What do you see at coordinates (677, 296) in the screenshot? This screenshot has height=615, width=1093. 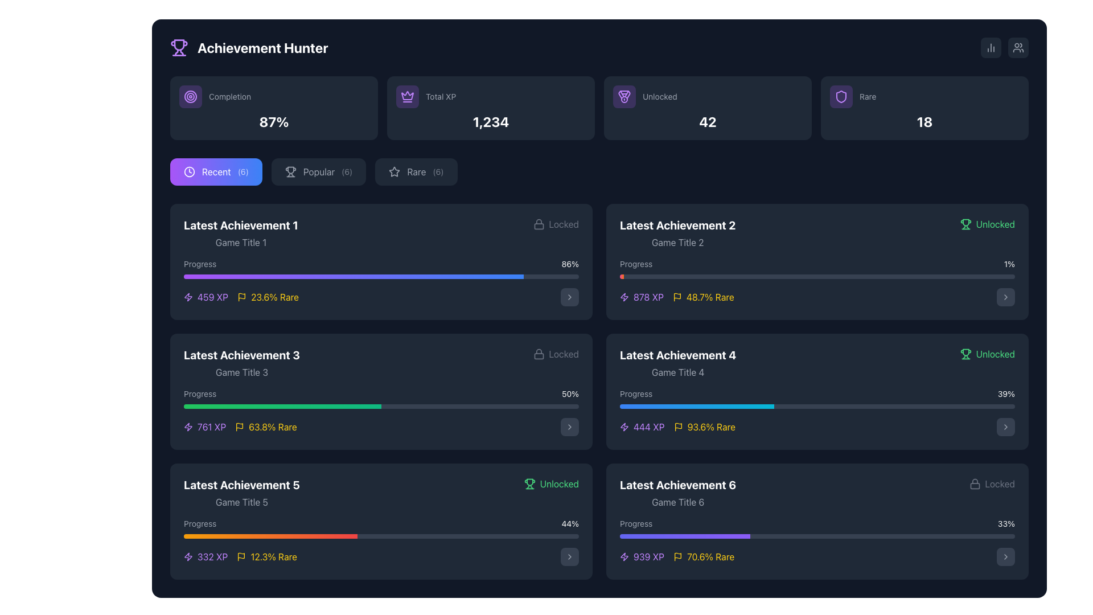 I see `the flag icon located at the top-right corner of the 'Latest Achievement 2' card, adjacent to the progress bar` at bounding box center [677, 296].